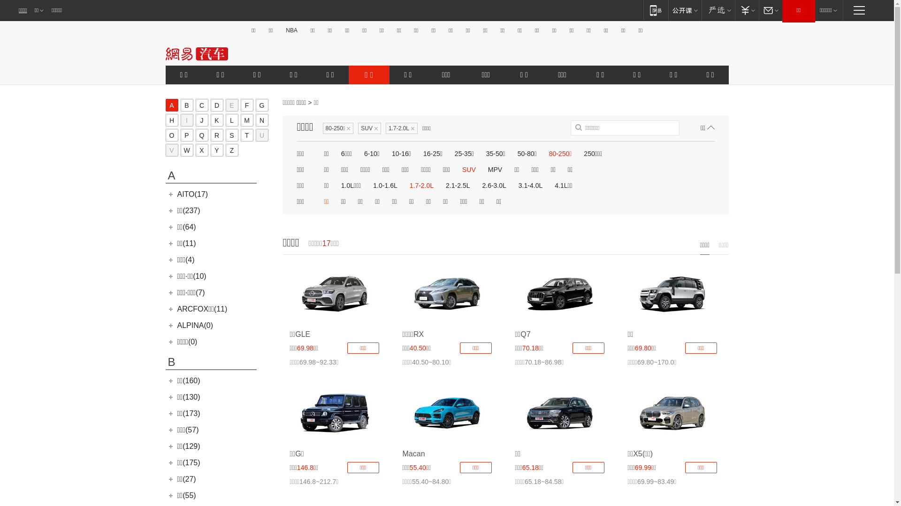 The height and width of the screenshot is (506, 901). Describe the element at coordinates (225, 135) in the screenshot. I see `'S'` at that location.